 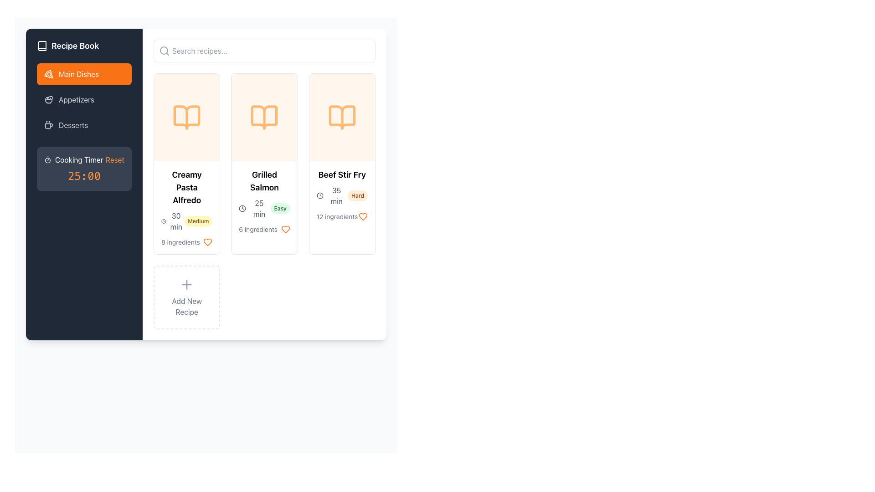 What do you see at coordinates (341, 216) in the screenshot?
I see `the gray-colored text '12 ingredients' in the 'Beef Stir Fry' section` at bounding box center [341, 216].